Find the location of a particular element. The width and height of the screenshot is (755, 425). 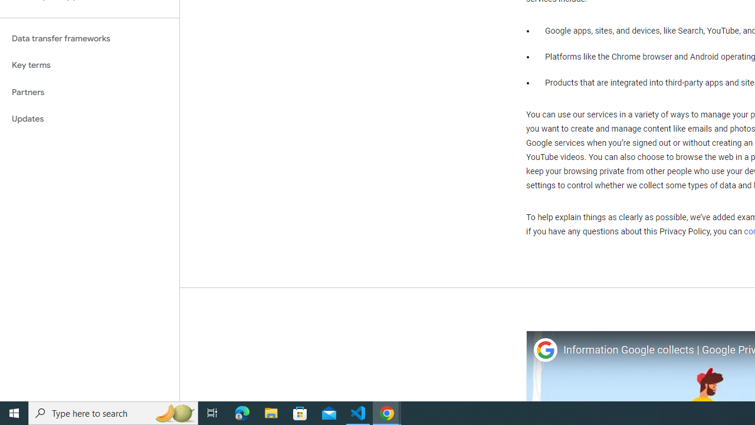

'Key terms' is located at coordinates (89, 65).